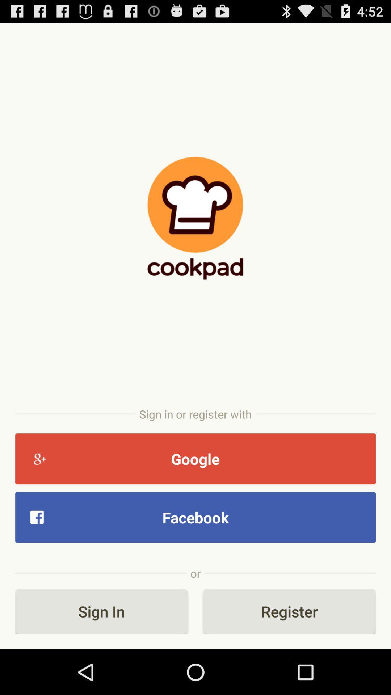 Image resolution: width=391 pixels, height=695 pixels. I want to click on the icon above or icon, so click(195, 517).